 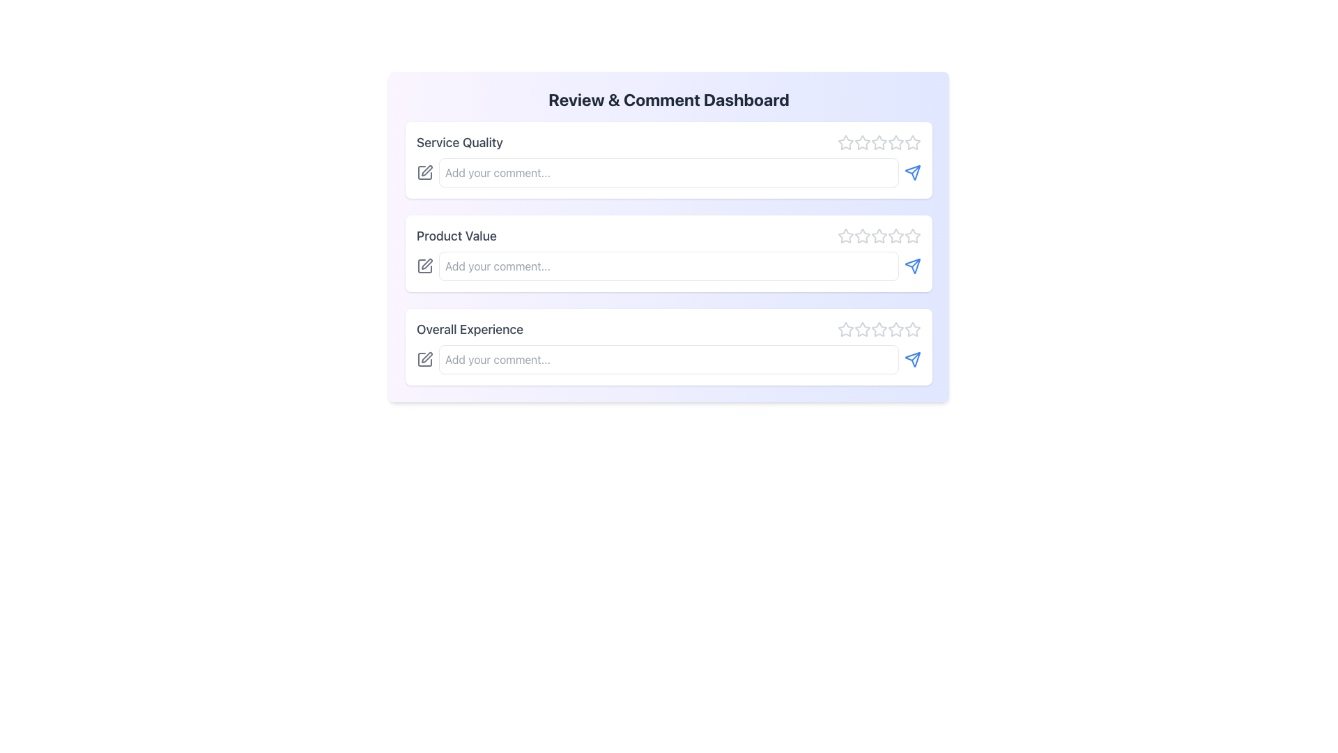 What do you see at coordinates (862, 330) in the screenshot?
I see `the second star icon in the 'Overall Experience' rating section to select the rating` at bounding box center [862, 330].